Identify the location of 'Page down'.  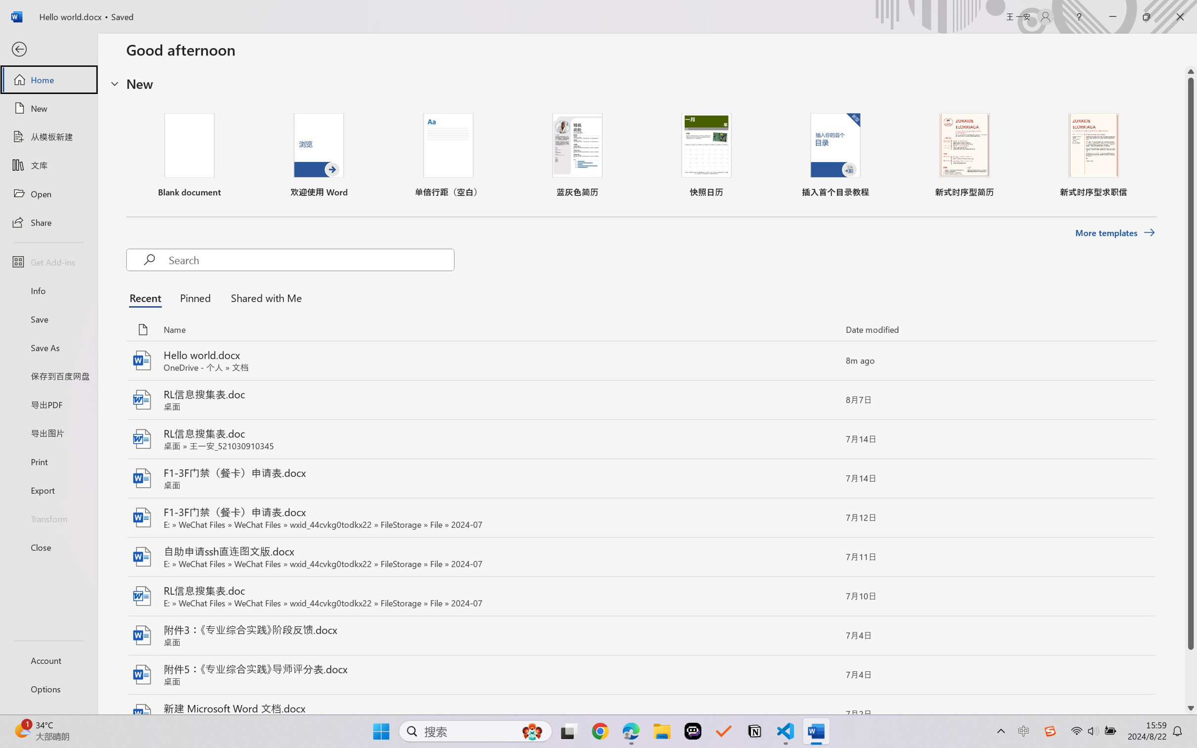
(1191, 676).